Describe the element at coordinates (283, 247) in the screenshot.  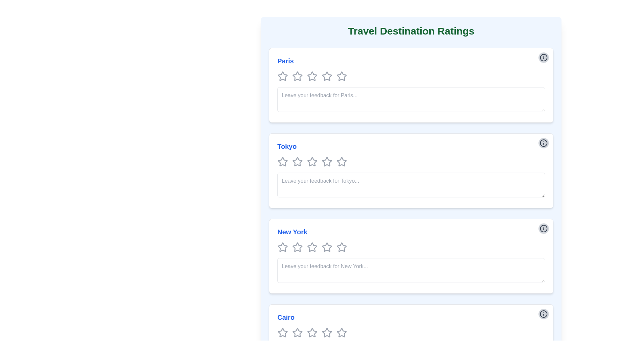
I see `the first star in the rating system for 'New York'` at that location.